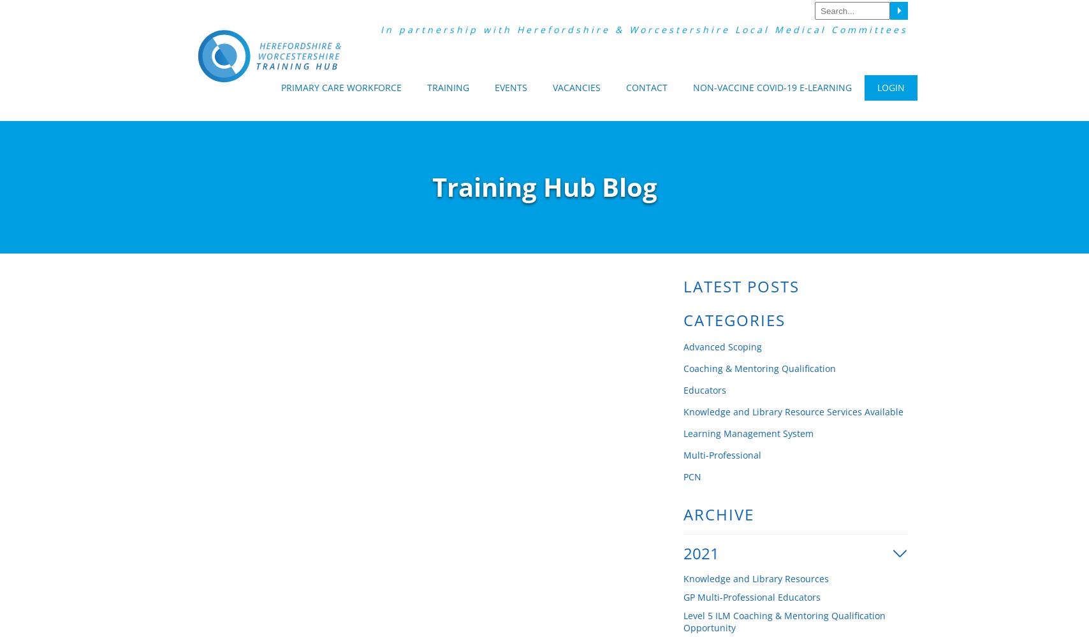 This screenshot has width=1089, height=637. What do you see at coordinates (544, 187) in the screenshot?
I see `'Training Hub Blog'` at bounding box center [544, 187].